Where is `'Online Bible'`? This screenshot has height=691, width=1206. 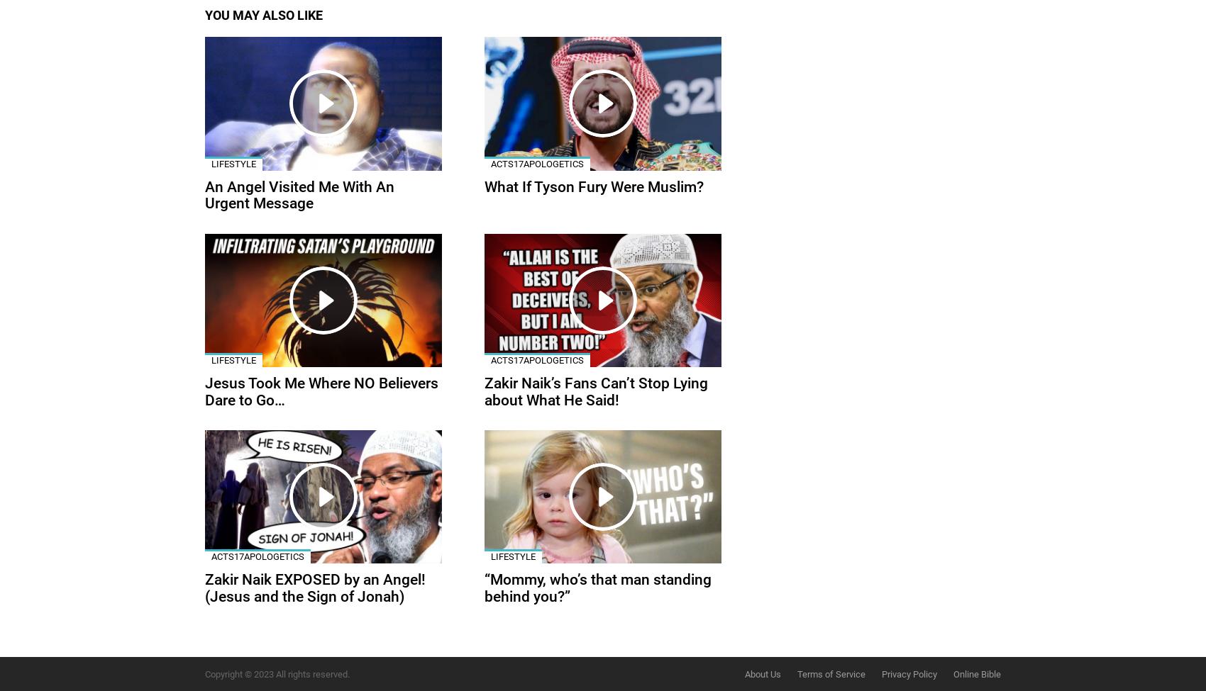
'Online Bible' is located at coordinates (977, 673).